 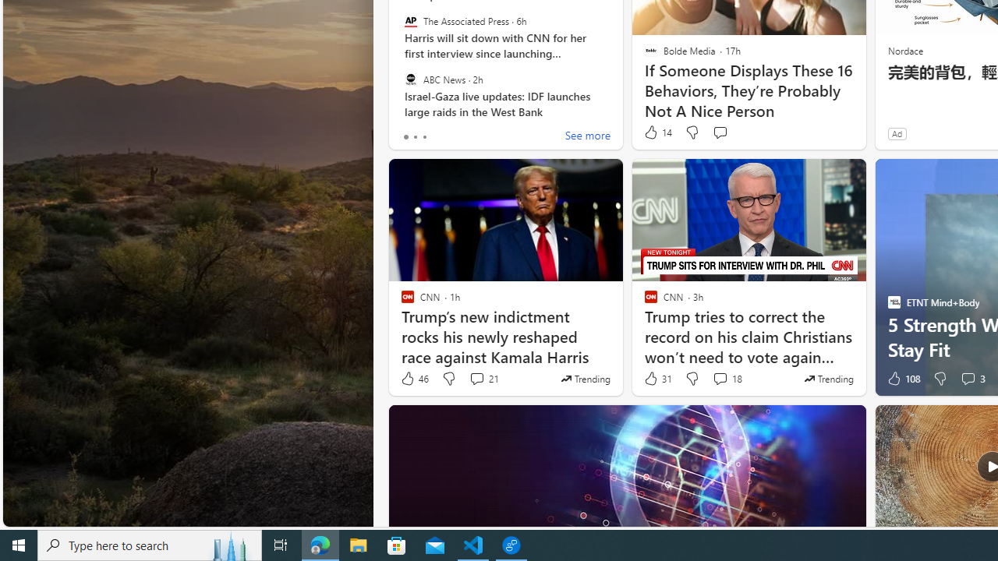 I want to click on 'View comments 21 Comment', so click(x=483, y=379).